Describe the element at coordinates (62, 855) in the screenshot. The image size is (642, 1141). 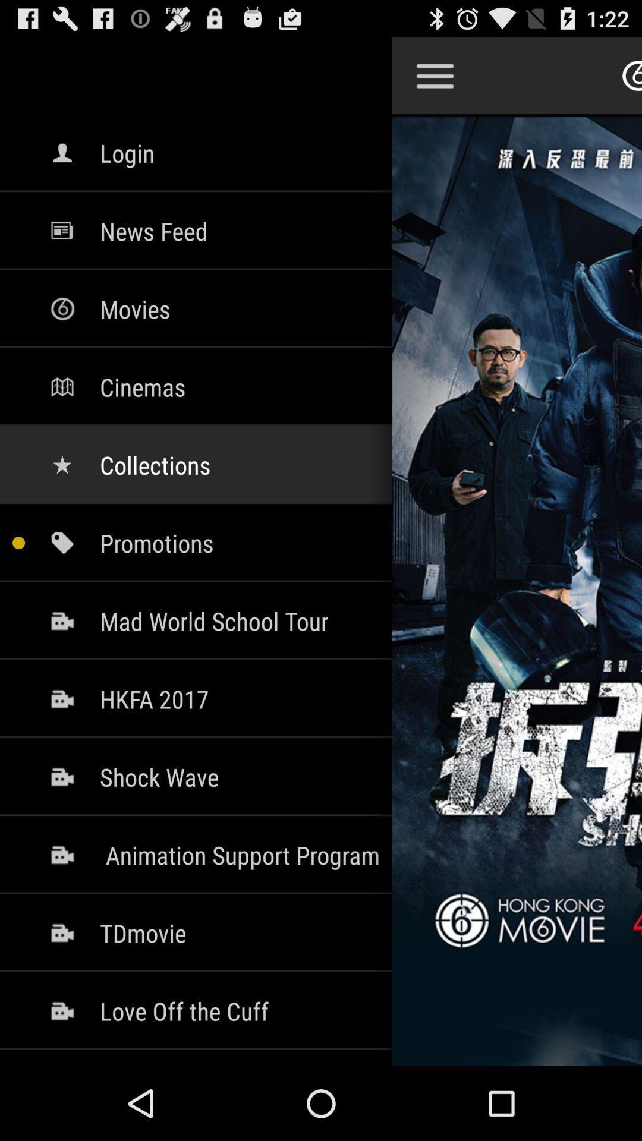
I see `tap the icon which is left to the animation support program` at that location.